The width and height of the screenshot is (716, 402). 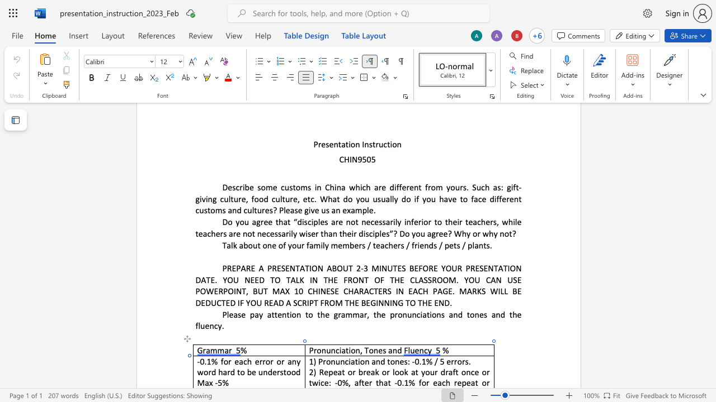 What do you see at coordinates (283, 372) in the screenshot?
I see `the space between the continuous character "s" and "t" in the text` at bounding box center [283, 372].